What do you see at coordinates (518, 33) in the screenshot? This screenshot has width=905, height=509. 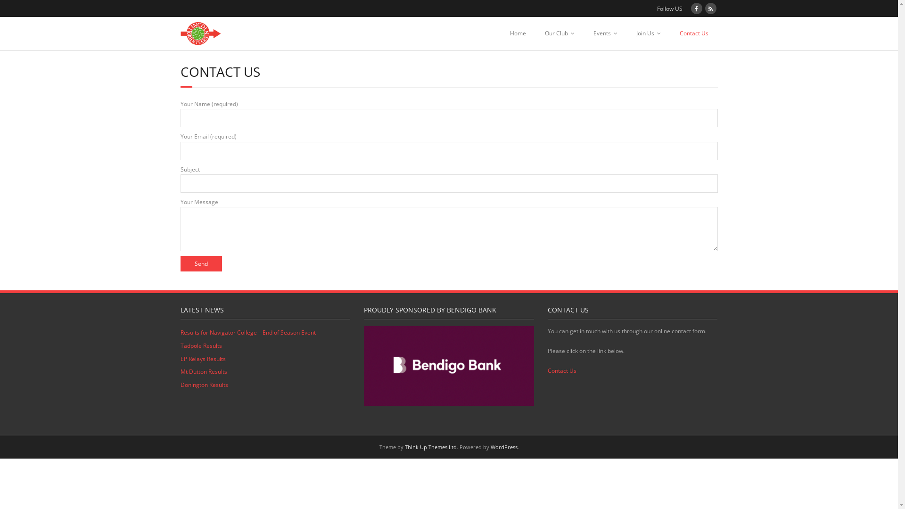 I see `'Home'` at bounding box center [518, 33].